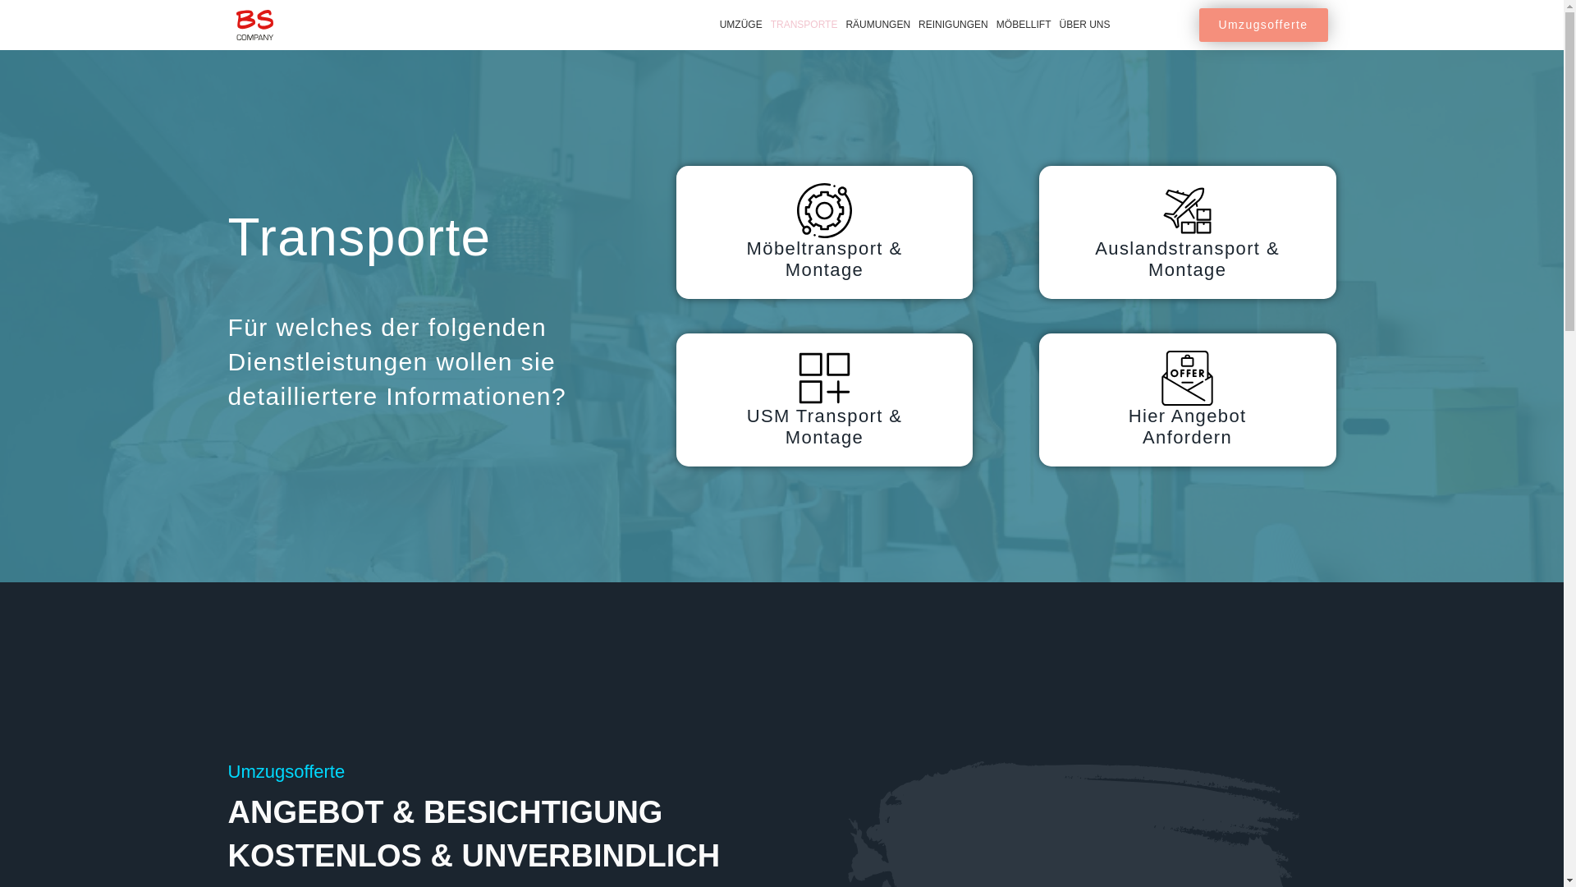 This screenshot has width=1576, height=887. I want to click on 'REINIGUNGEN', so click(953, 25).